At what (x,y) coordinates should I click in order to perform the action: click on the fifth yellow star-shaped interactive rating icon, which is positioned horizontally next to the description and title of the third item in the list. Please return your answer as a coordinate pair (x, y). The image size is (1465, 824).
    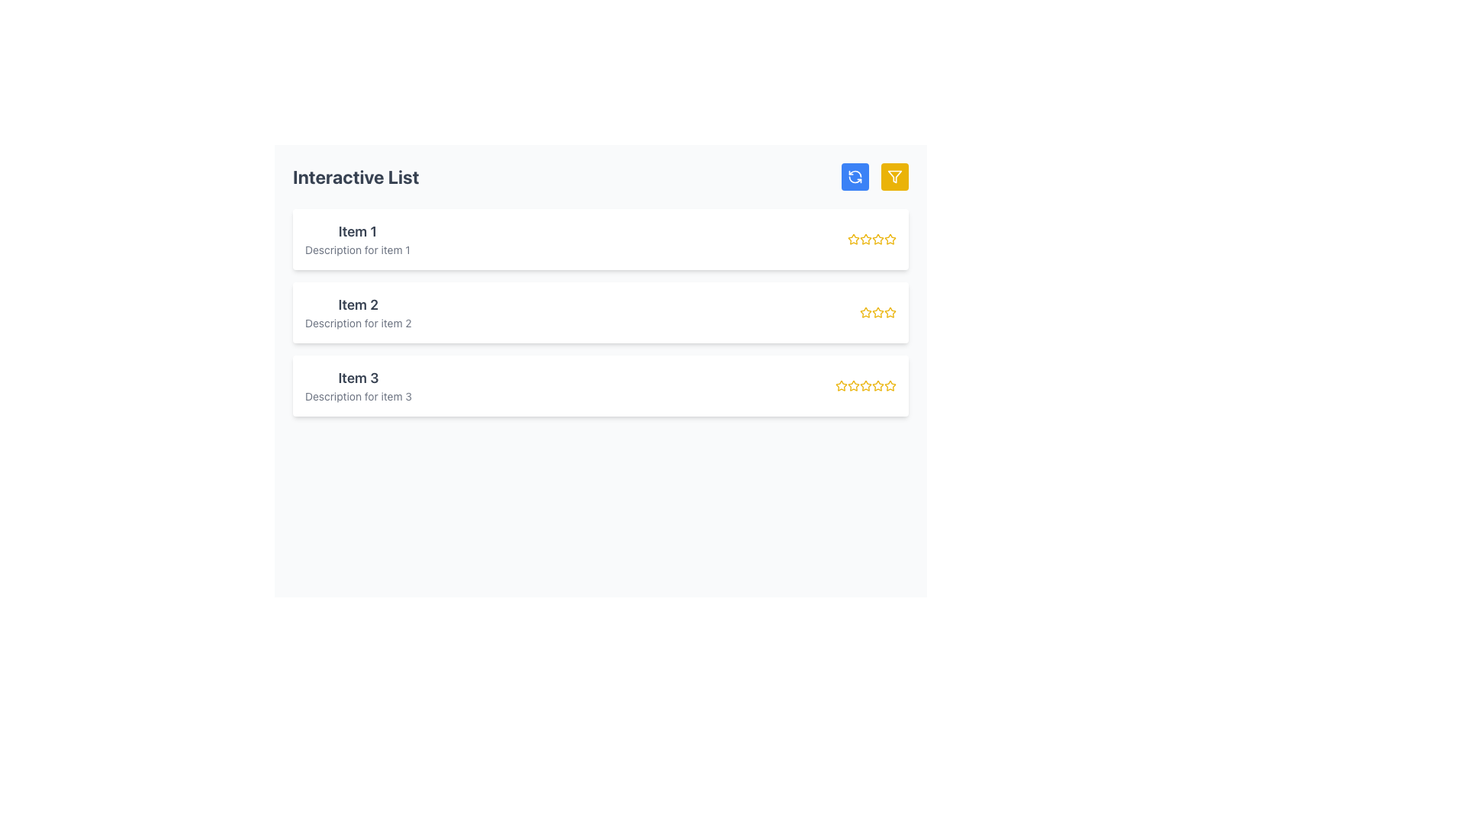
    Looking at the image, I should click on (890, 385).